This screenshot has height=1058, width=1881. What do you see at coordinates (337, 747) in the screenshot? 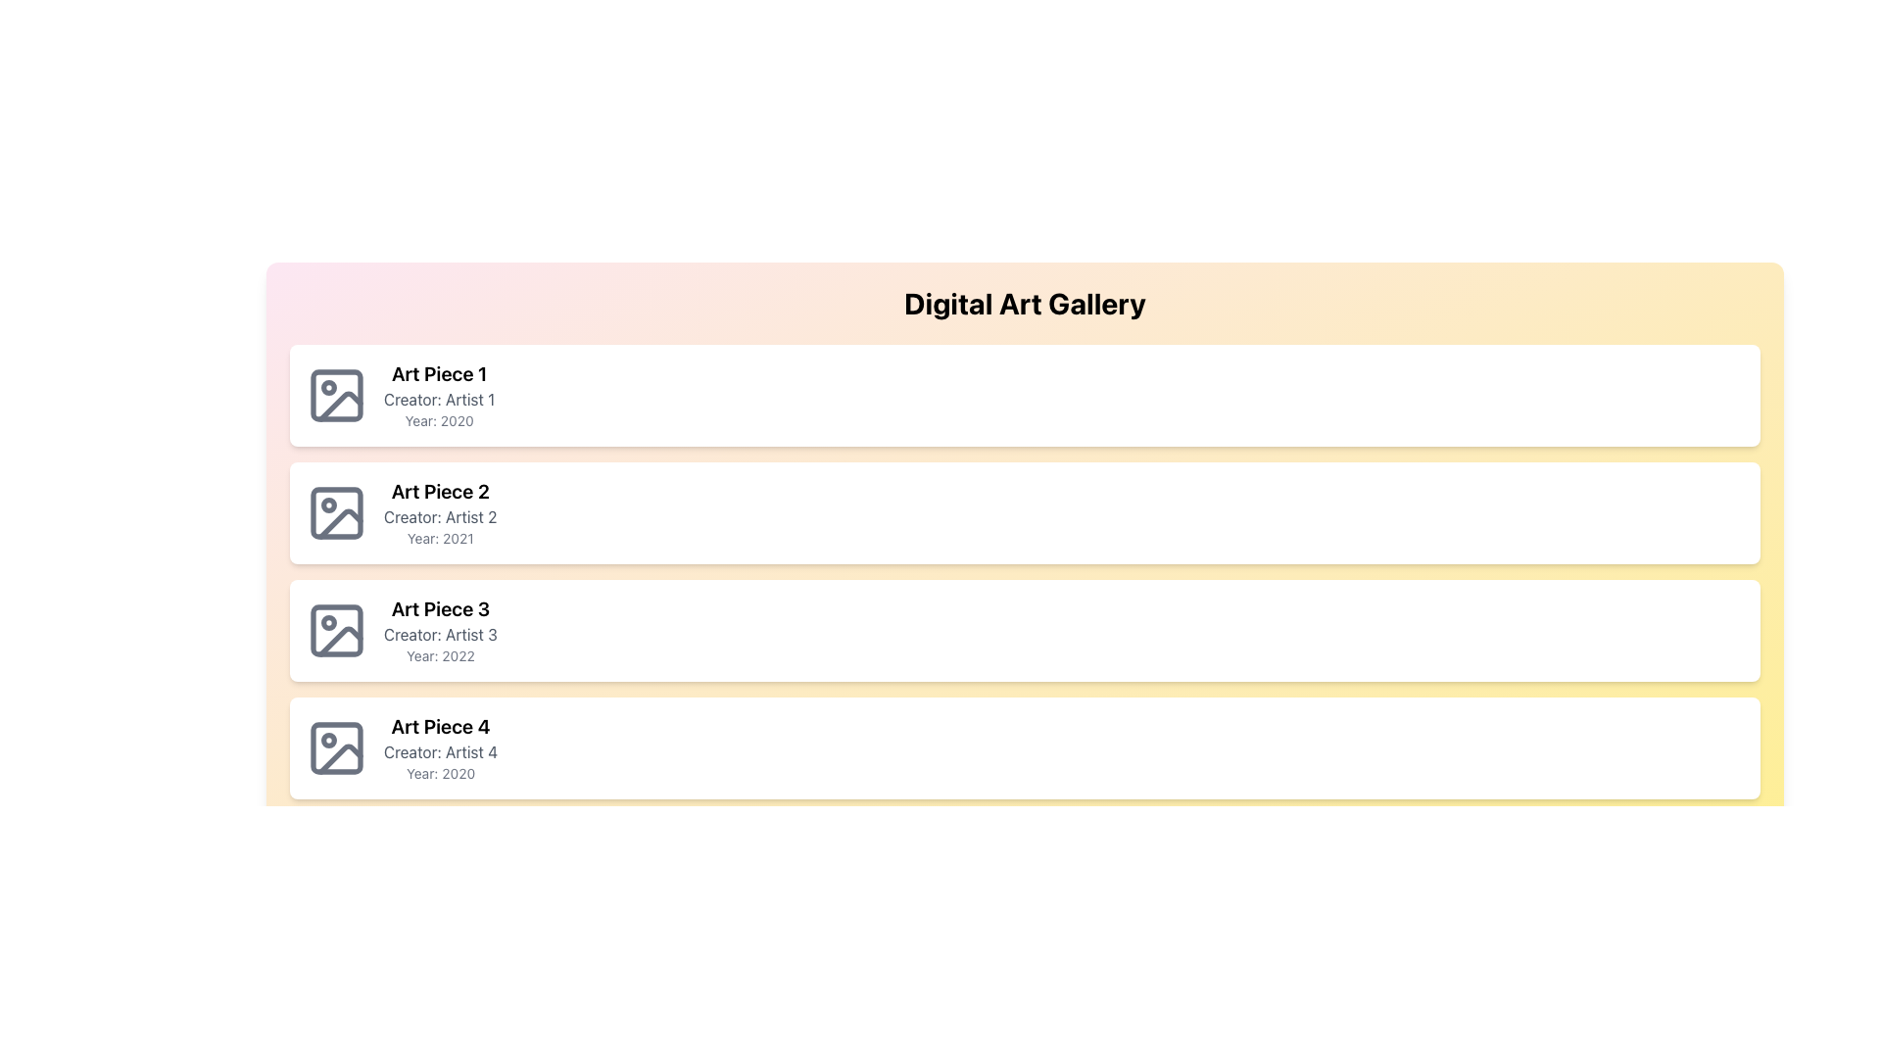
I see `the decorative square shape with rounded corners, which is part of the picture icon in the fourth item of the 'Digital Art Gallery' list` at bounding box center [337, 747].